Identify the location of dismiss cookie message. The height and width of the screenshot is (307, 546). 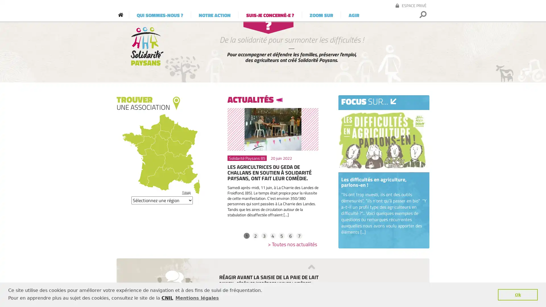
(518, 294).